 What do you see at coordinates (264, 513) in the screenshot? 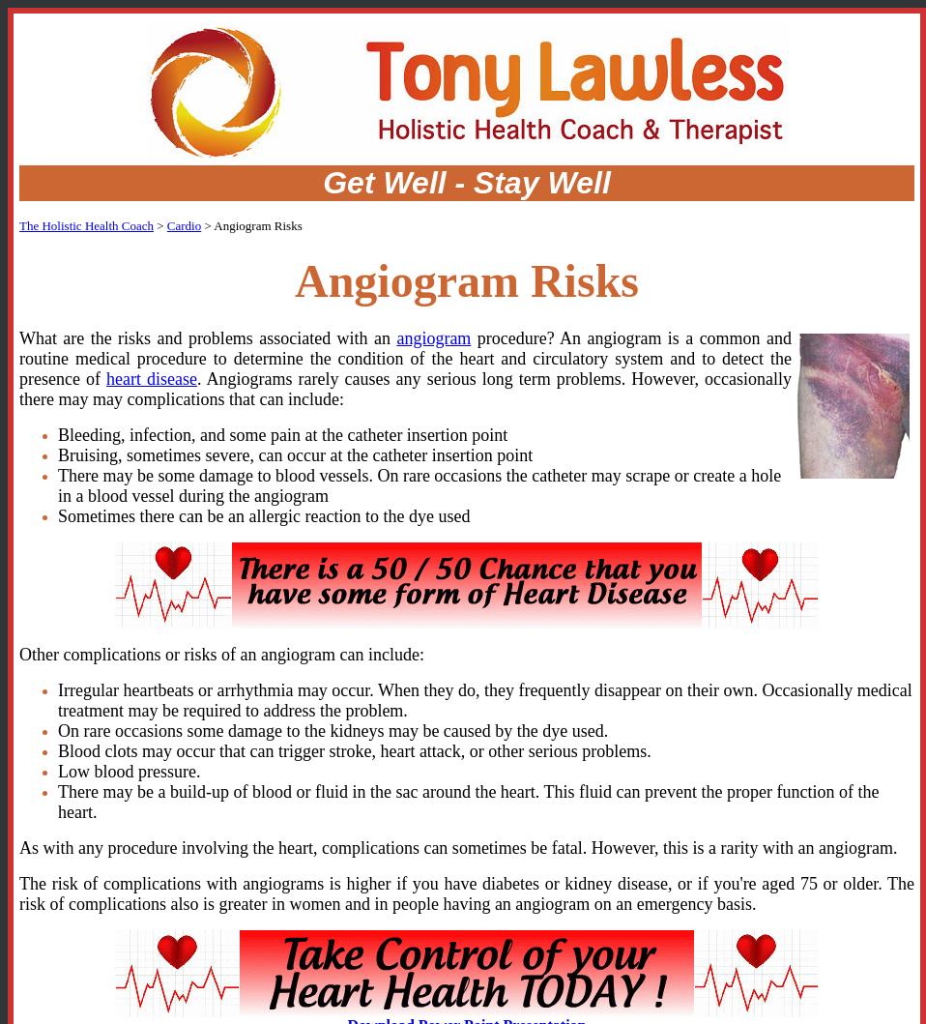
I see `'Sometimes there can 
          be an allergic reaction to the dye used'` at bounding box center [264, 513].